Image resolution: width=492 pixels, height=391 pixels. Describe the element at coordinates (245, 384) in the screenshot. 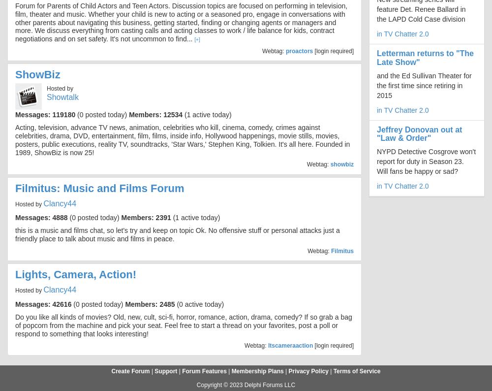

I see `'Copyright © 2023 Delphi Forums LLC'` at that location.